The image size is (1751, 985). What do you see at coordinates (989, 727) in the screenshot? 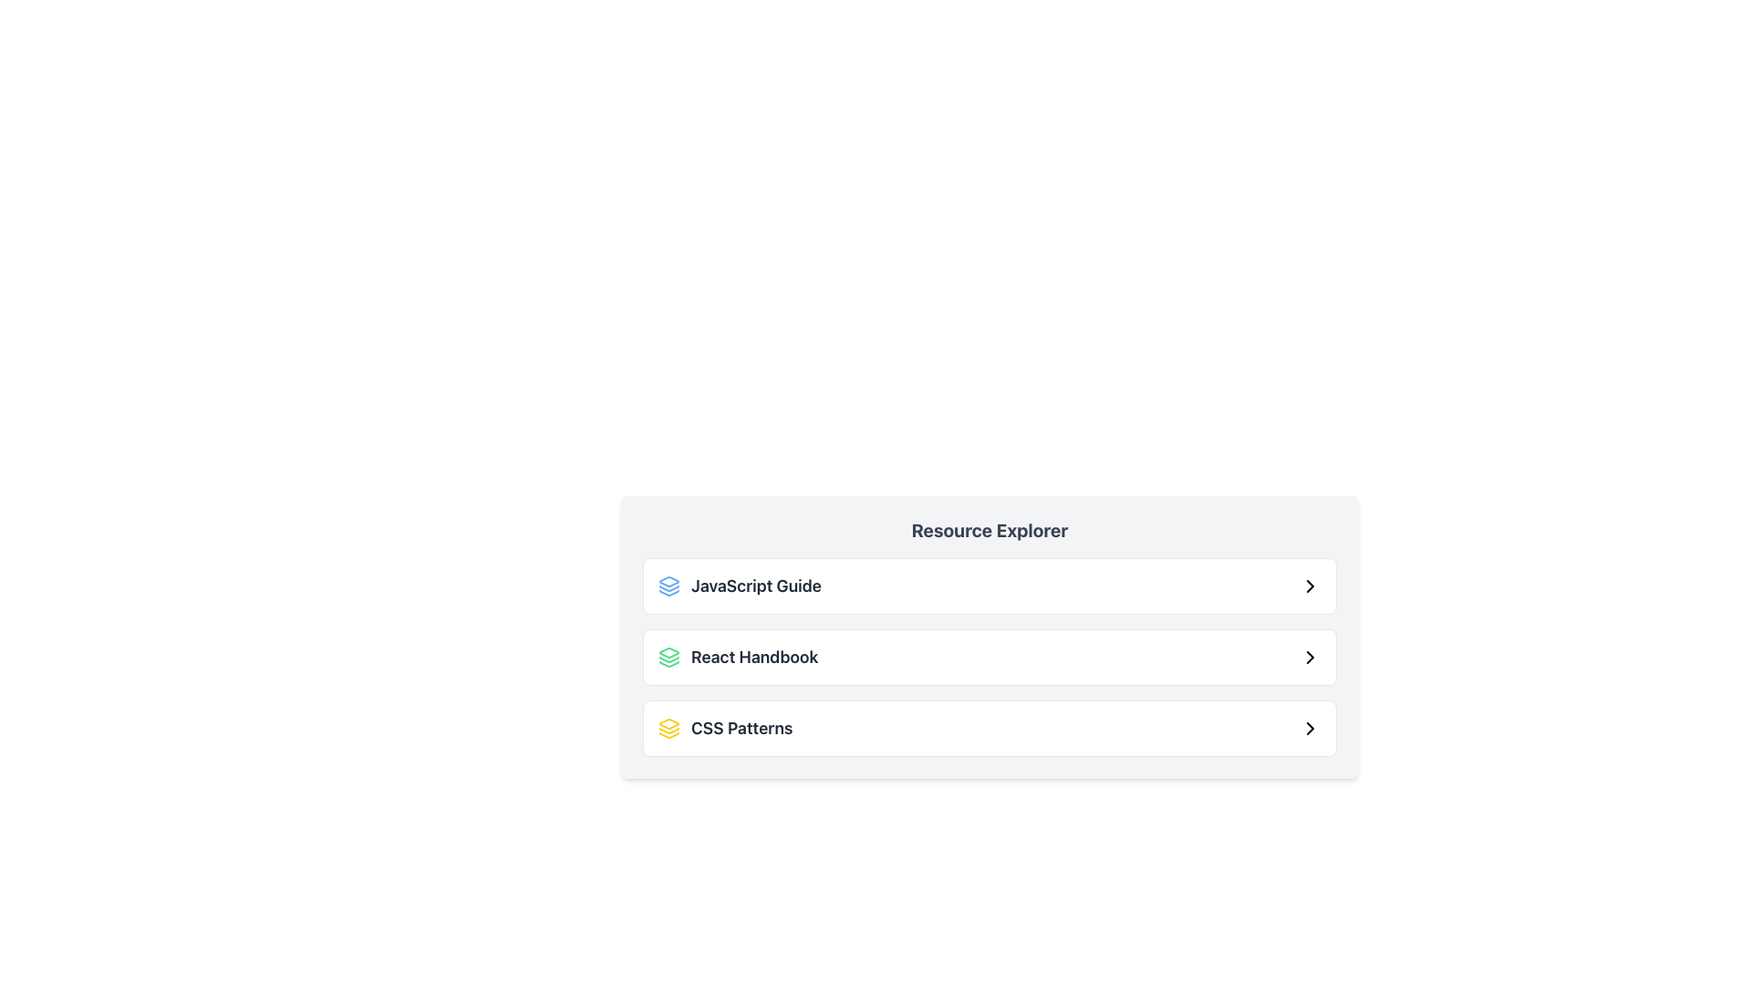
I see `the third Card-style List Item labeled 'CSS Patterns' in the Resource Explorer section` at bounding box center [989, 727].